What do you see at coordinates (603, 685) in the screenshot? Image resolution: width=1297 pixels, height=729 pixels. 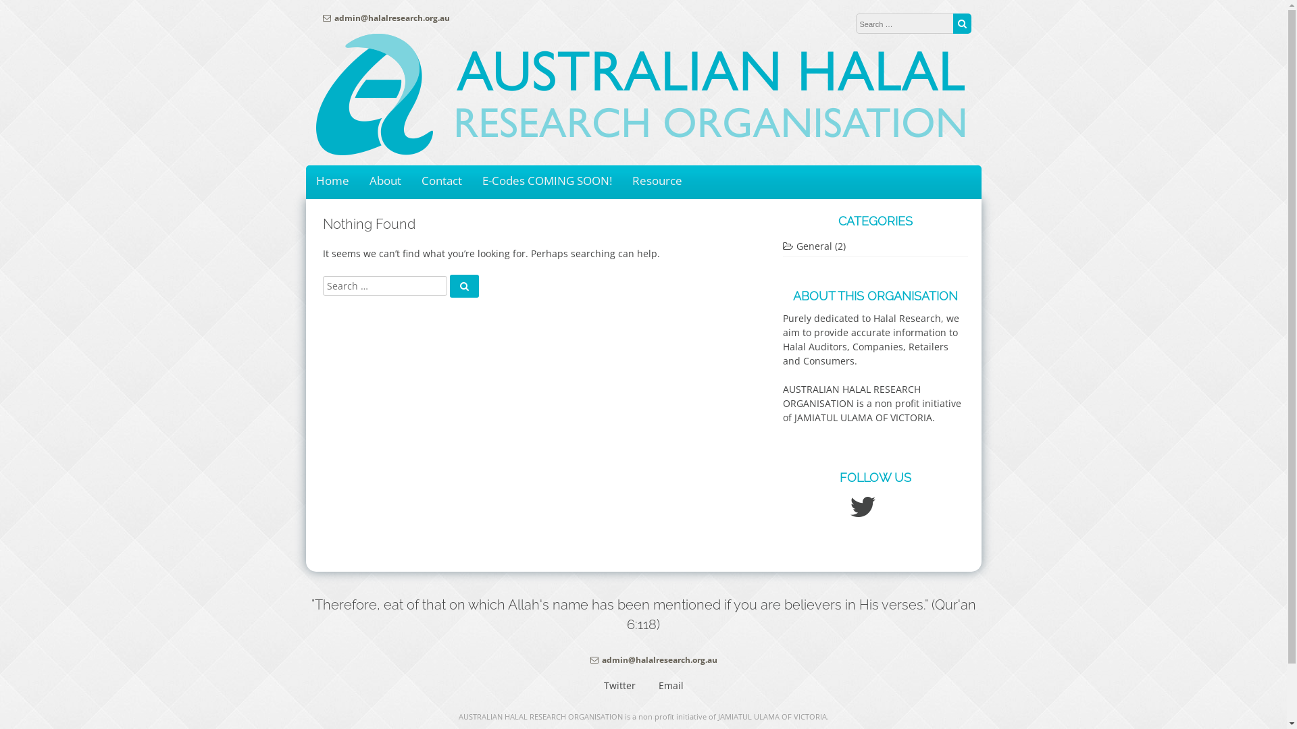 I see `'Twitter'` at bounding box center [603, 685].